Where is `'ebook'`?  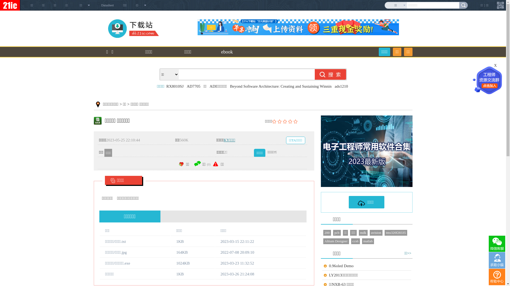
'ebook' is located at coordinates (210, 52).